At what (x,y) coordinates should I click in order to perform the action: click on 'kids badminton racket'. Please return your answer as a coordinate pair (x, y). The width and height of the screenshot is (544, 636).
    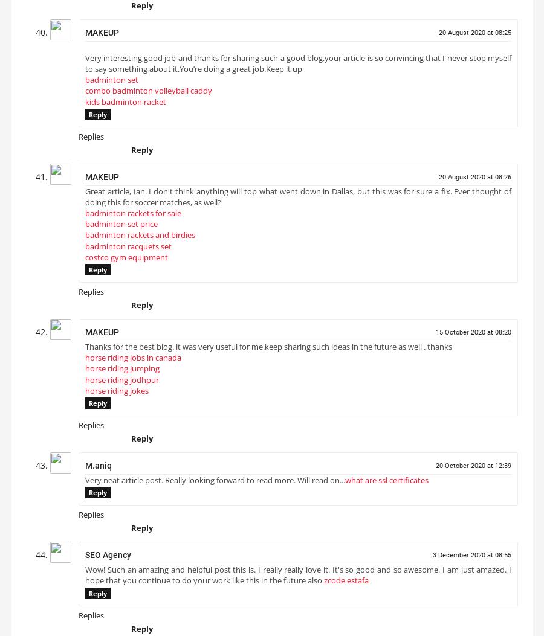
    Looking at the image, I should click on (125, 105).